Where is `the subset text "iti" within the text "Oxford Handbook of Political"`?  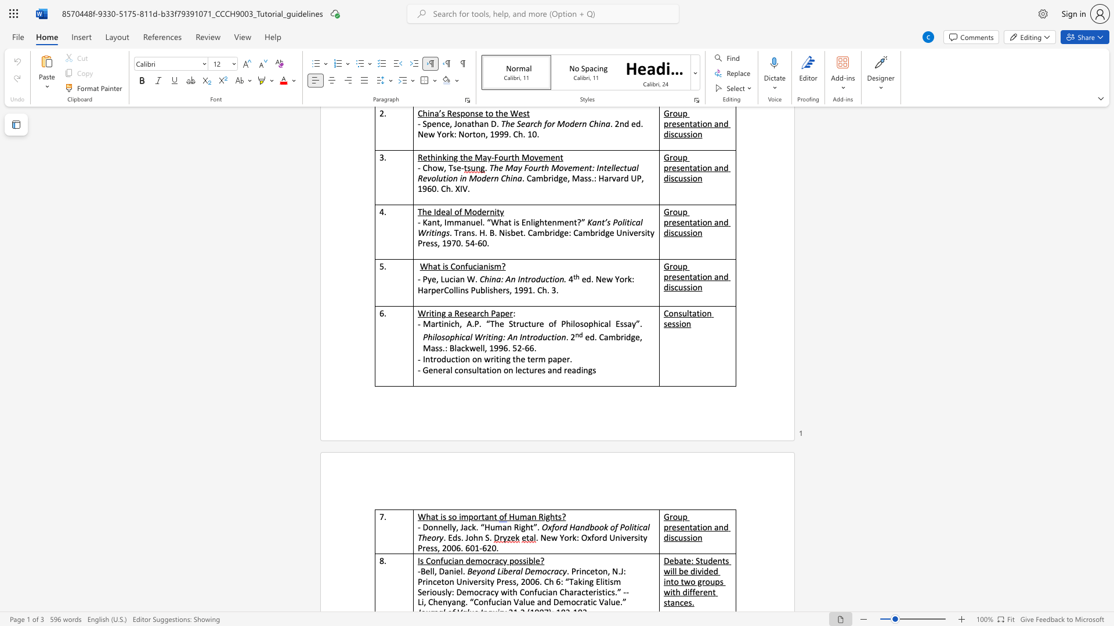 the subset text "iti" within the text "Oxford Handbook of Political" is located at coordinates (631, 527).